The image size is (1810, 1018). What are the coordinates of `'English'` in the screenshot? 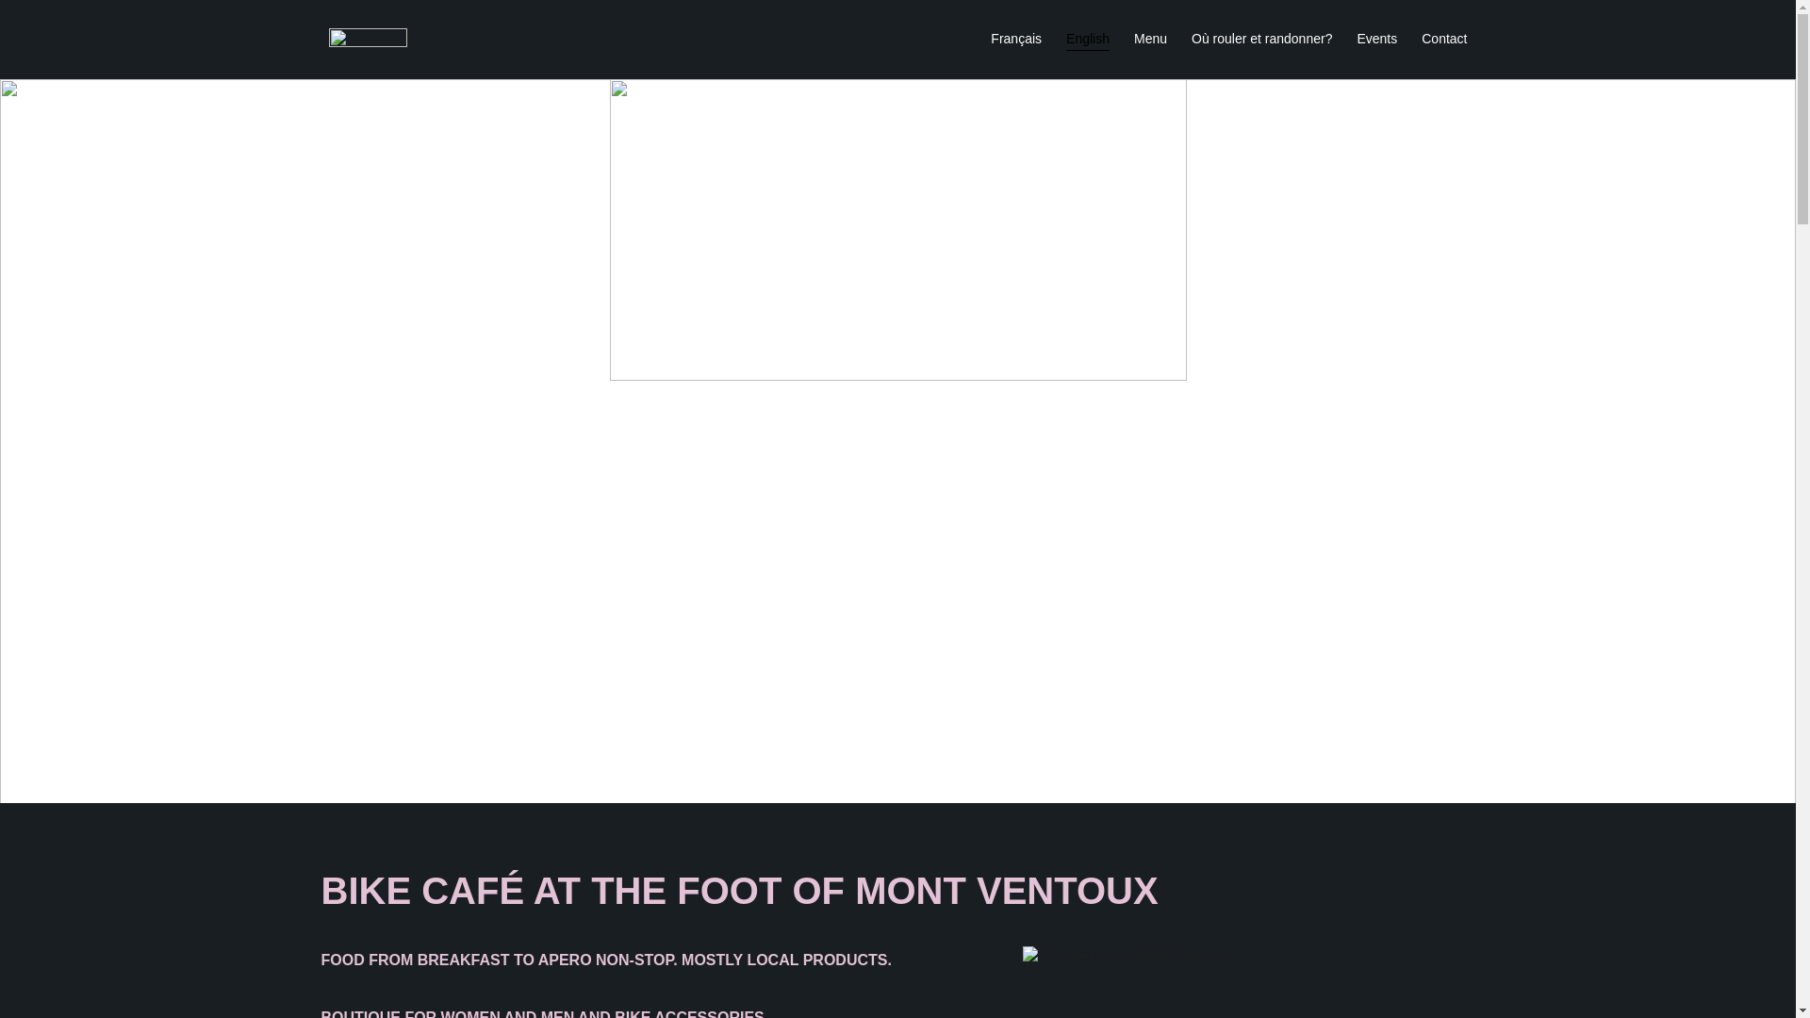 It's located at (1087, 40).